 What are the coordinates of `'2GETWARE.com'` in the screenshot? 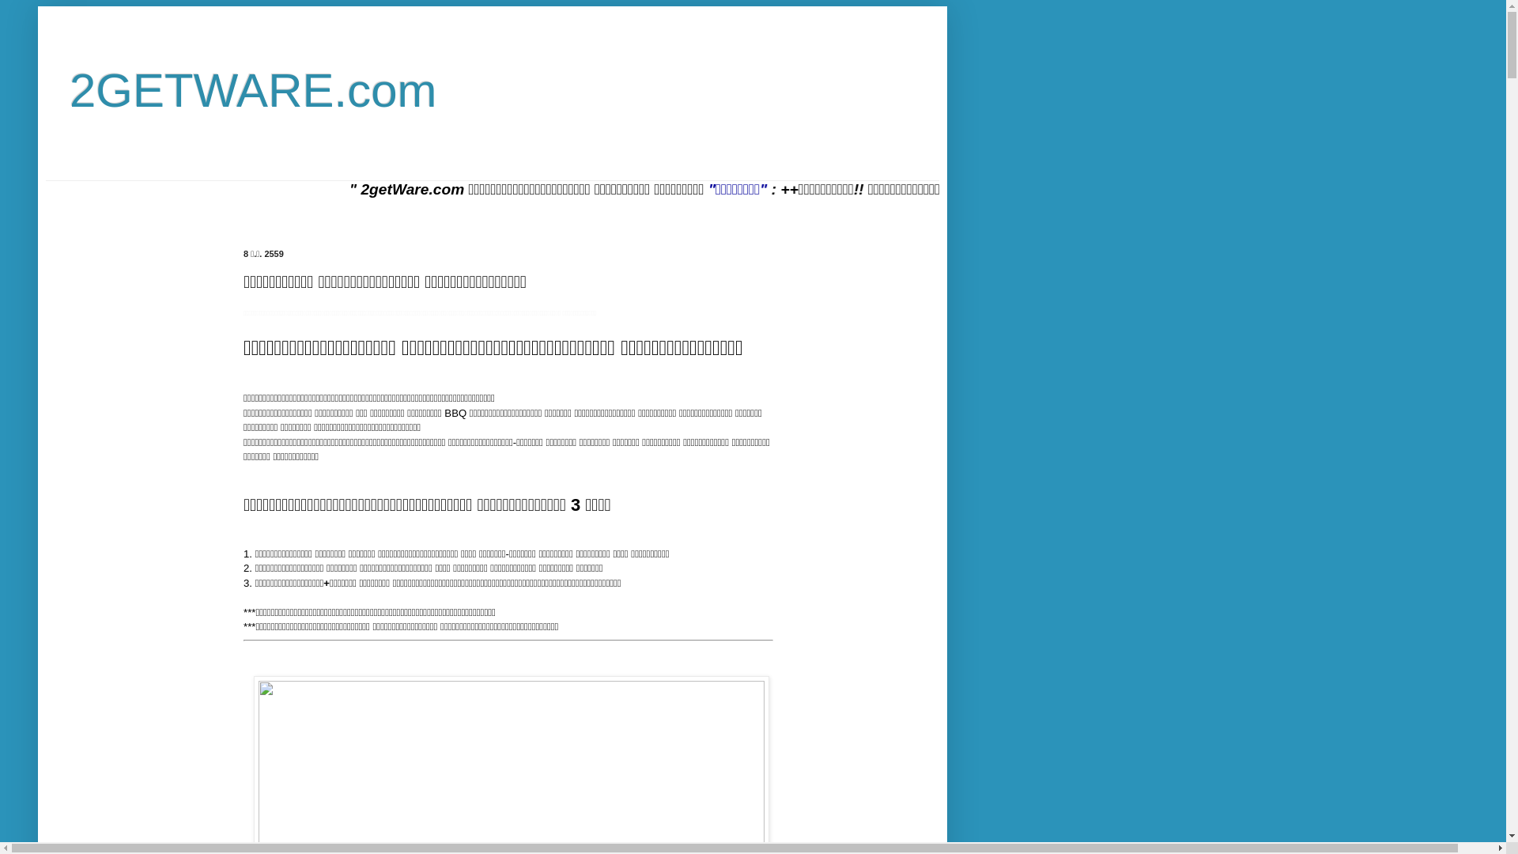 It's located at (253, 90).